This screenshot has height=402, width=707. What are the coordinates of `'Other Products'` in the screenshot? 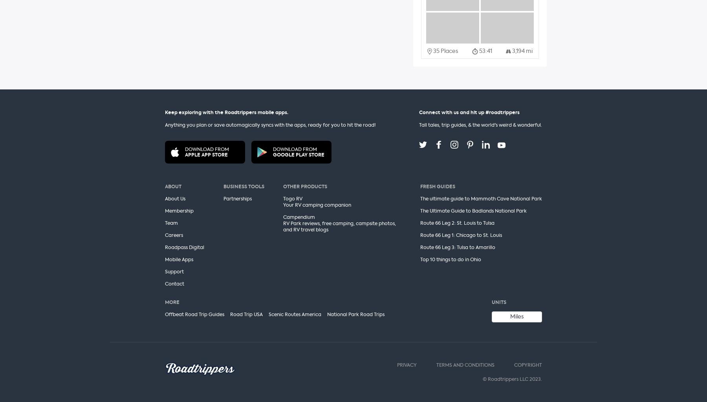 It's located at (305, 186).